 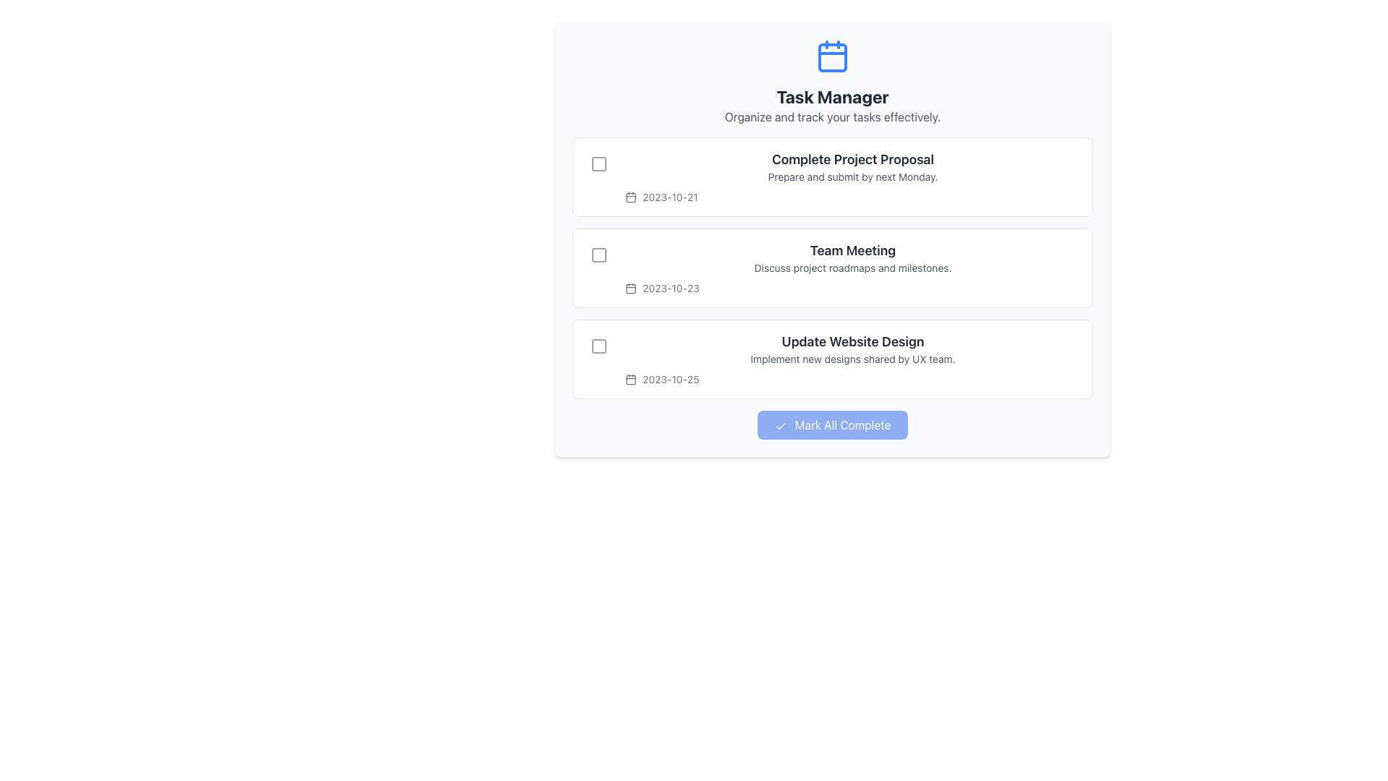 What do you see at coordinates (853, 268) in the screenshot?
I see `the text element that states 'Discuss project roadmaps and milestones.' located beneath the header 'Team Meeting' in the second task card` at bounding box center [853, 268].